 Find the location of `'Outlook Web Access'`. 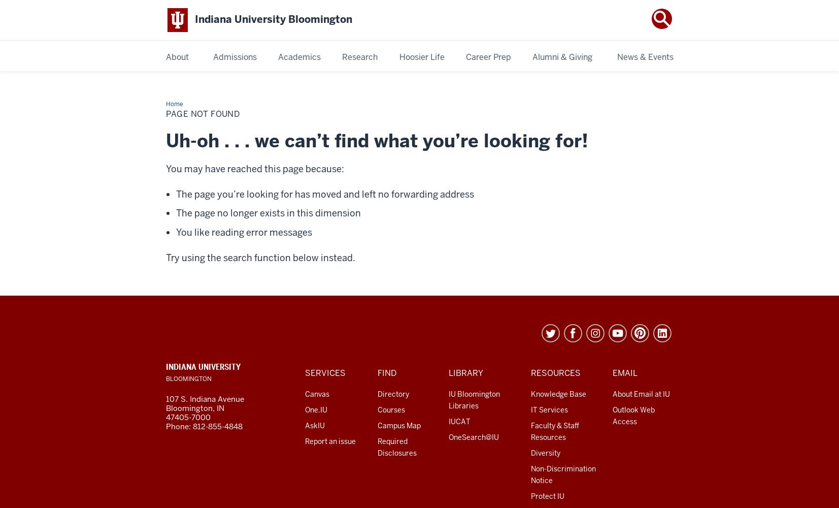

'Outlook Web Access' is located at coordinates (633, 415).